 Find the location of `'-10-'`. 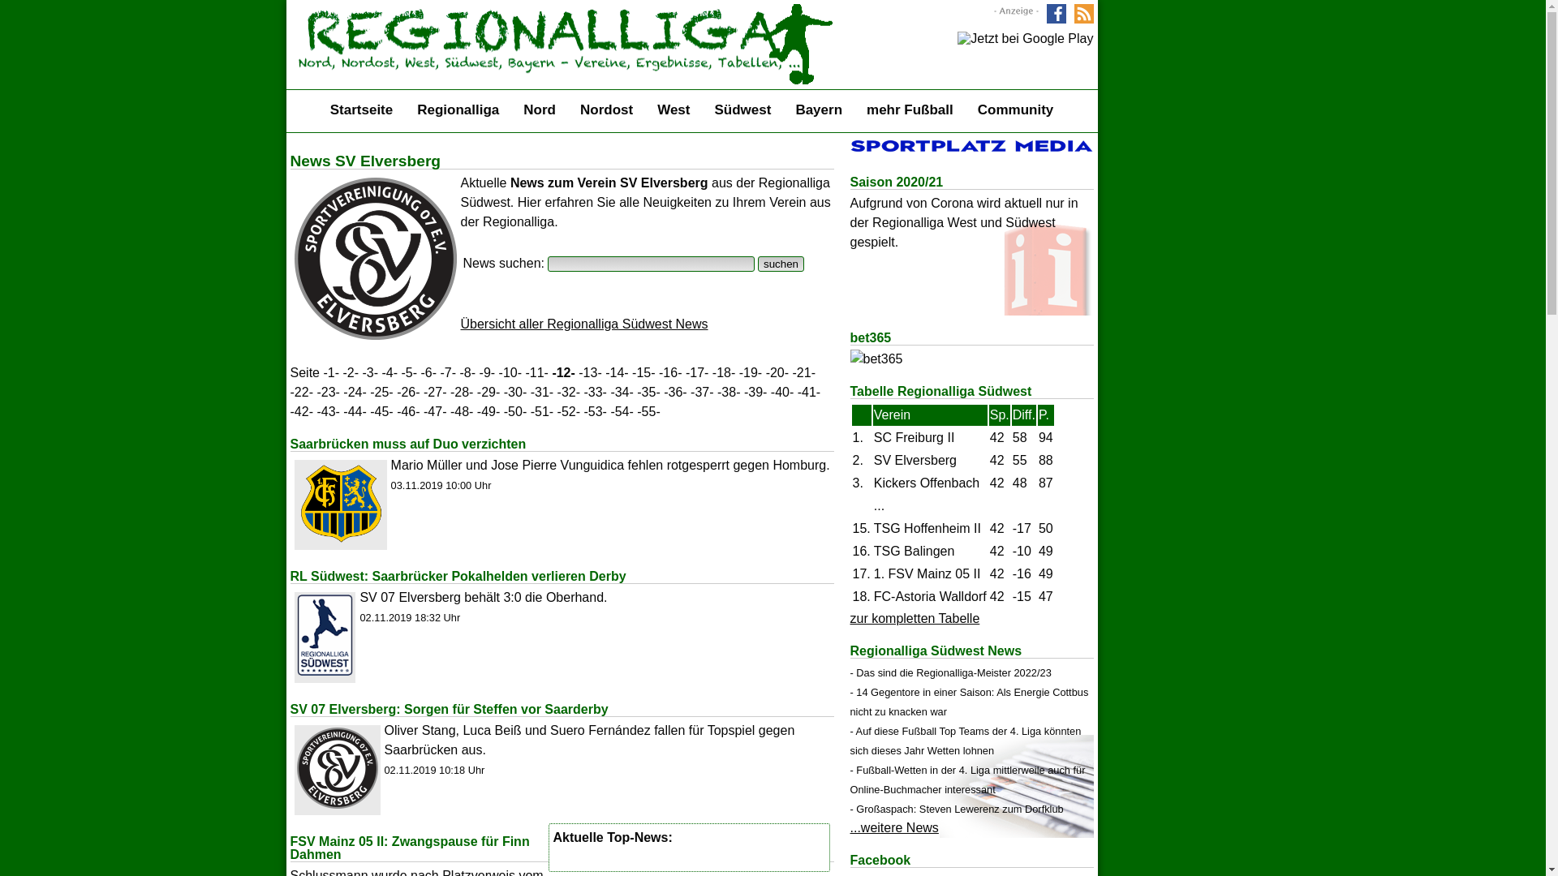

'-10-' is located at coordinates (509, 372).